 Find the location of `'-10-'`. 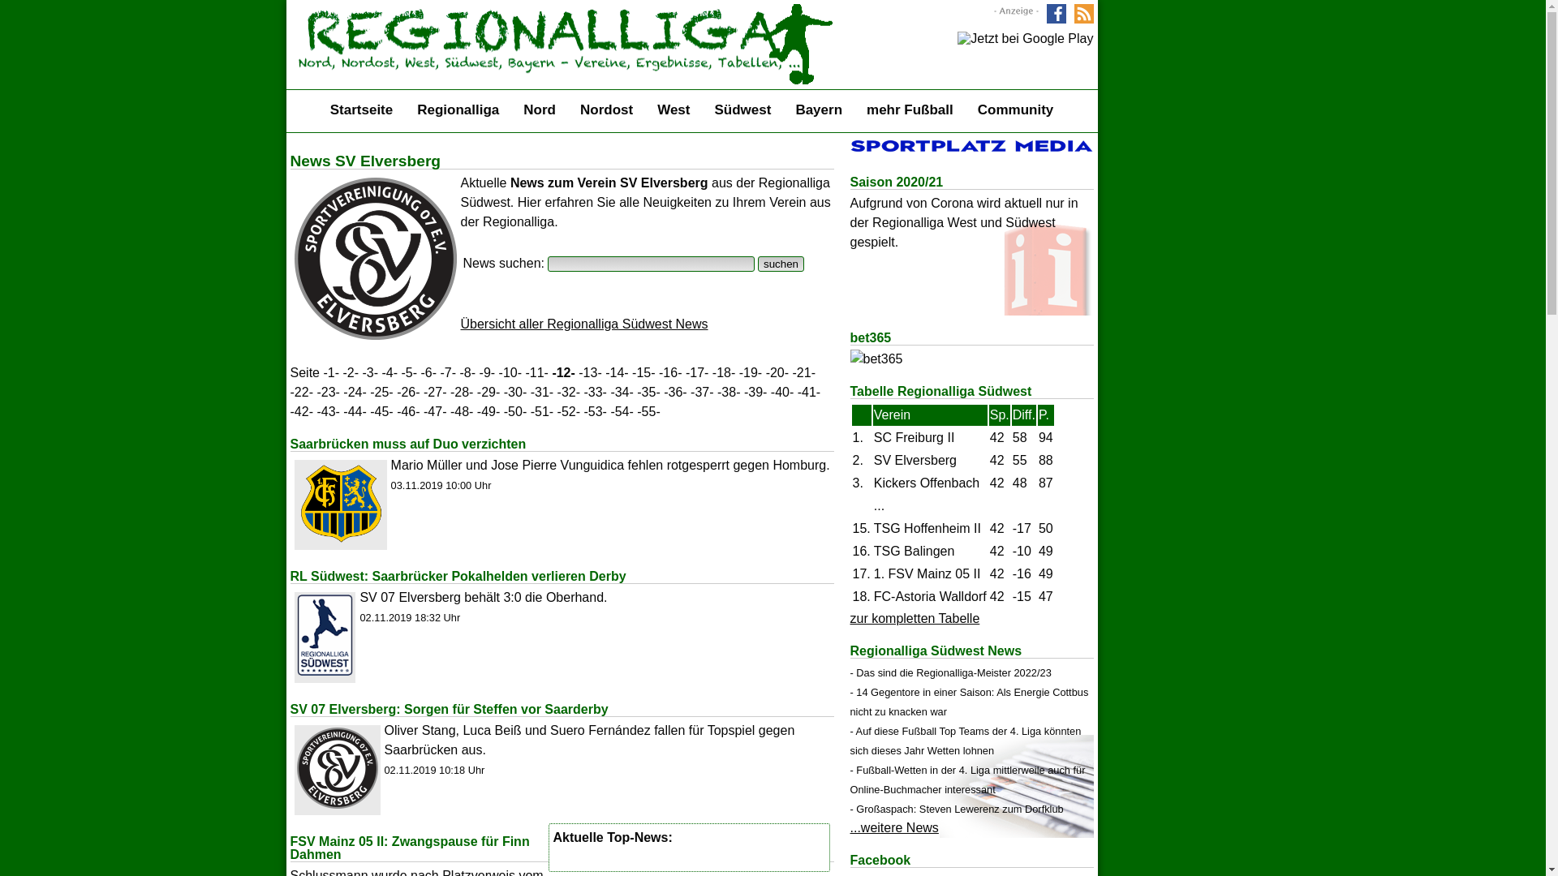

'-10-' is located at coordinates (509, 372).